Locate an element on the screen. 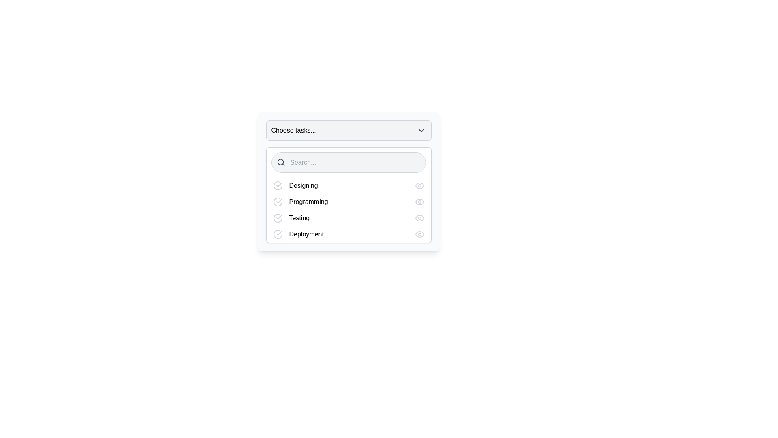  the surrounding area of the left semi-circular part of the checkmark icon in the 'Programming' task selection list interface is located at coordinates (278, 201).